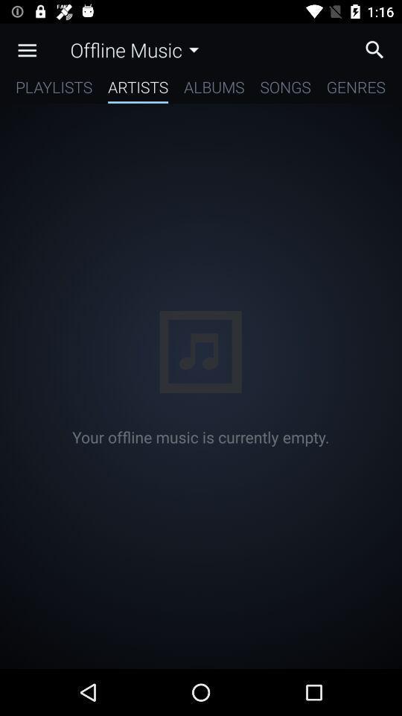 The image size is (402, 716). What do you see at coordinates (138, 89) in the screenshot?
I see `the item next to the albums item` at bounding box center [138, 89].